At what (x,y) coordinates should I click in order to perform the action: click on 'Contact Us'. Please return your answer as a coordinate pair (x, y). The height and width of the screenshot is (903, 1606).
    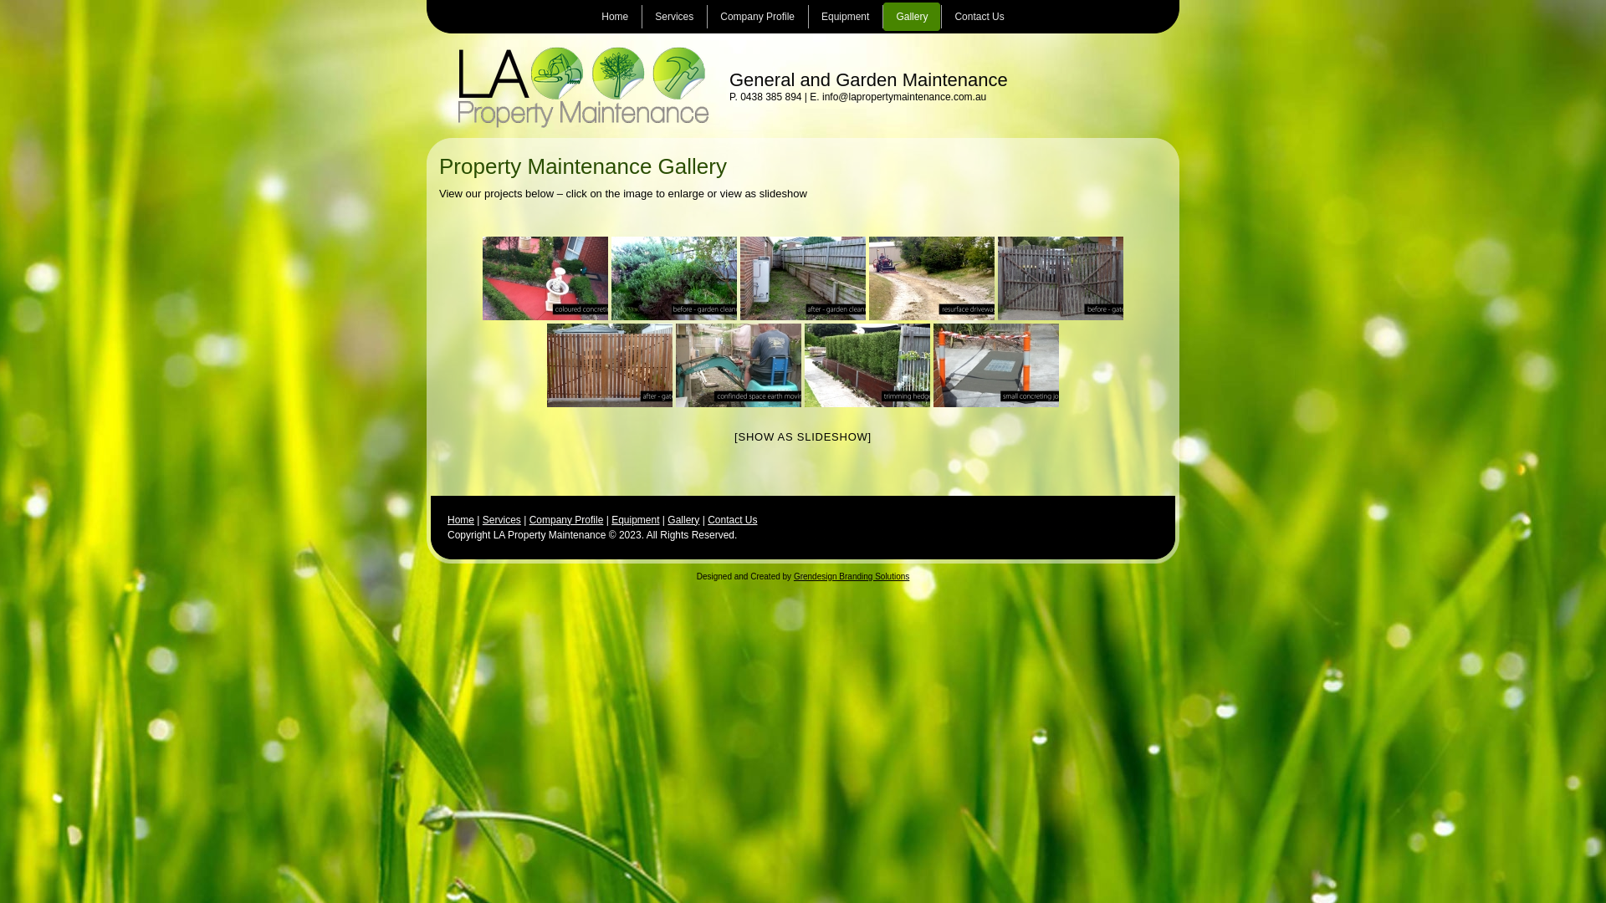
    Looking at the image, I should click on (979, 16).